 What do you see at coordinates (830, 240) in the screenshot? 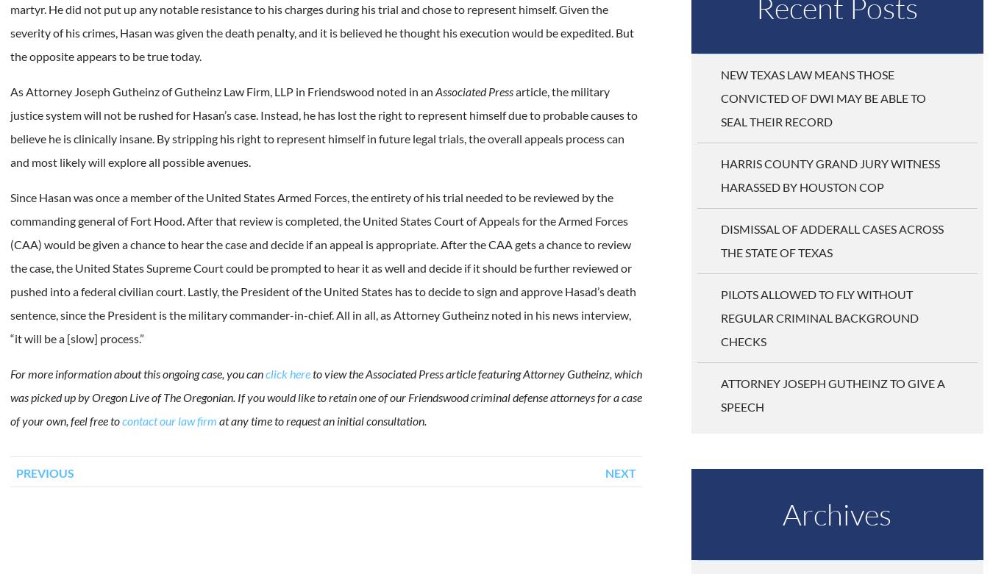
I see `'Dismissal of Adderall Cases Across the State Of Texas'` at bounding box center [830, 240].